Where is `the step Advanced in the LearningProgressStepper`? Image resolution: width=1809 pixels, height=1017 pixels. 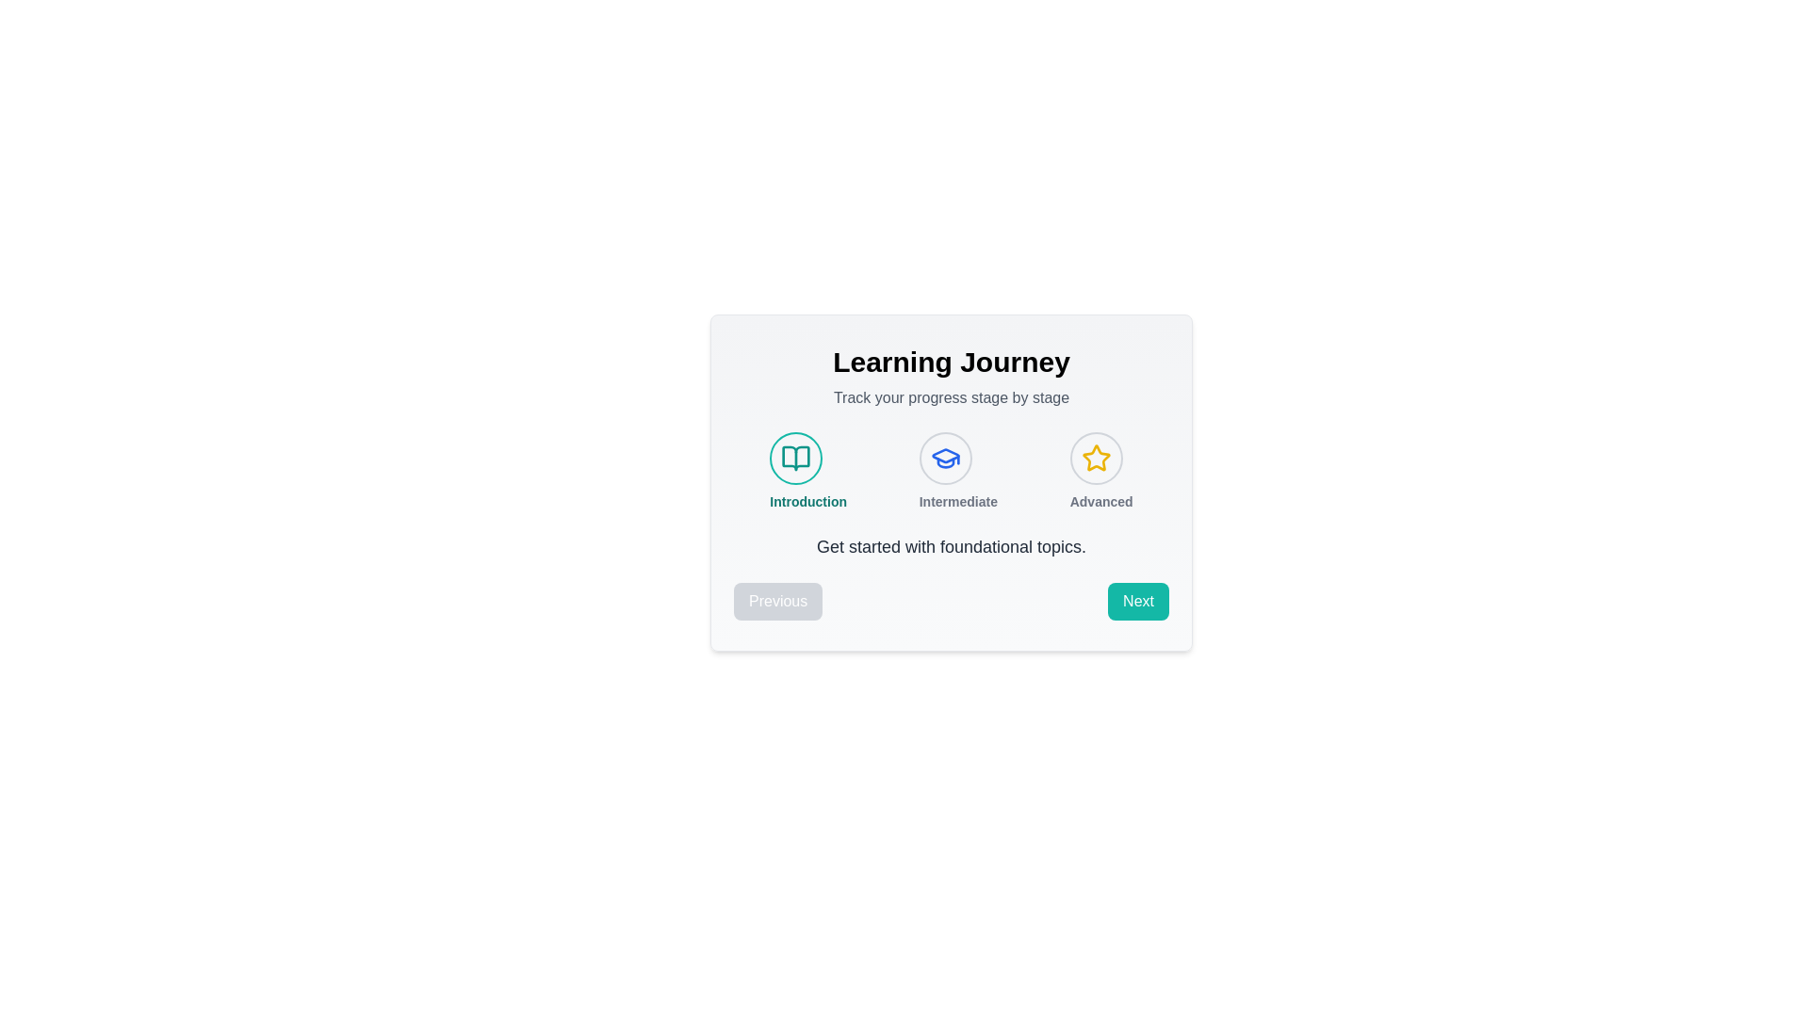 the step Advanced in the LearningProgressStepper is located at coordinates (1096, 458).